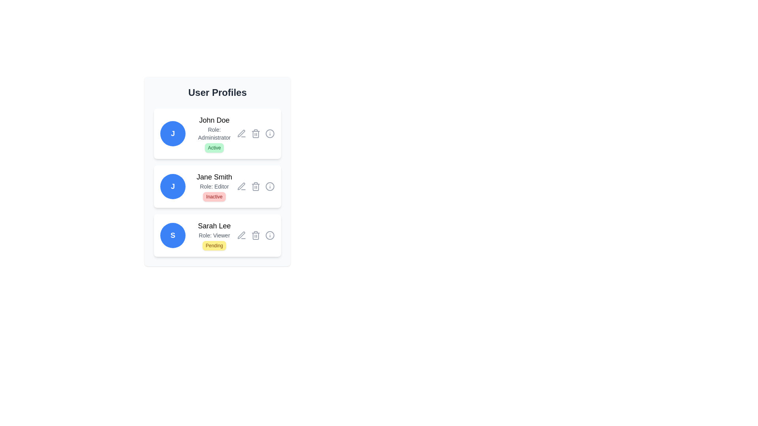 The image size is (758, 426). I want to click on the 'John Doe' text label, which is displayed prominently as the primary identifier within the user profile card, so click(214, 120).